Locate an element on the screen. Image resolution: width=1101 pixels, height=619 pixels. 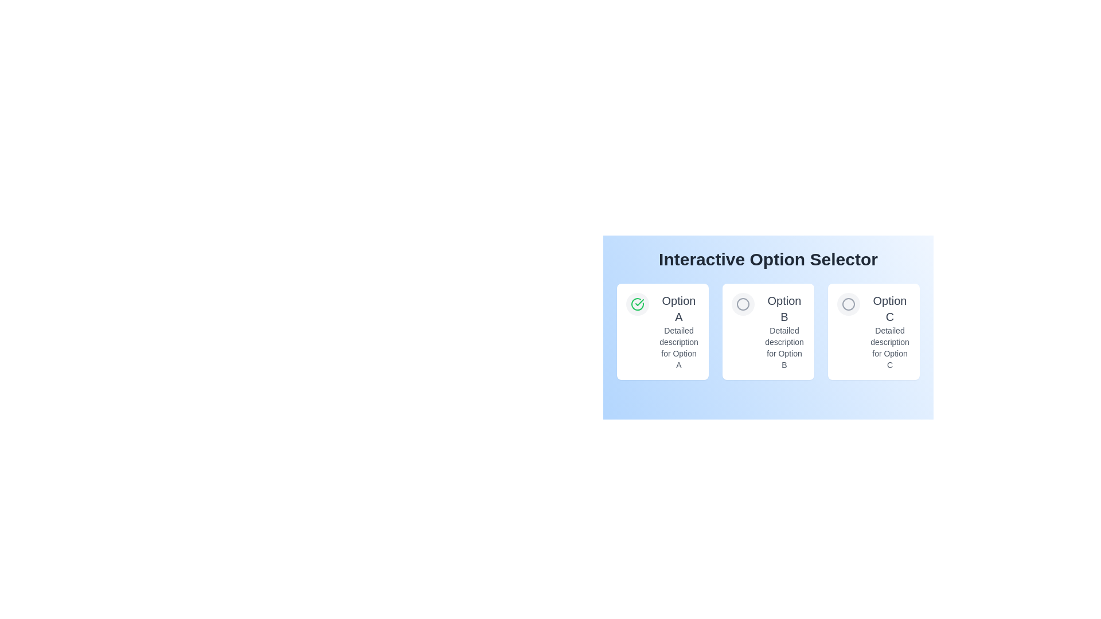
the static text block displaying 'Detailed description for Option C', which is styled in a smaller, gray font and located below the 'Option C' label in the third option box is located at coordinates (889, 347).